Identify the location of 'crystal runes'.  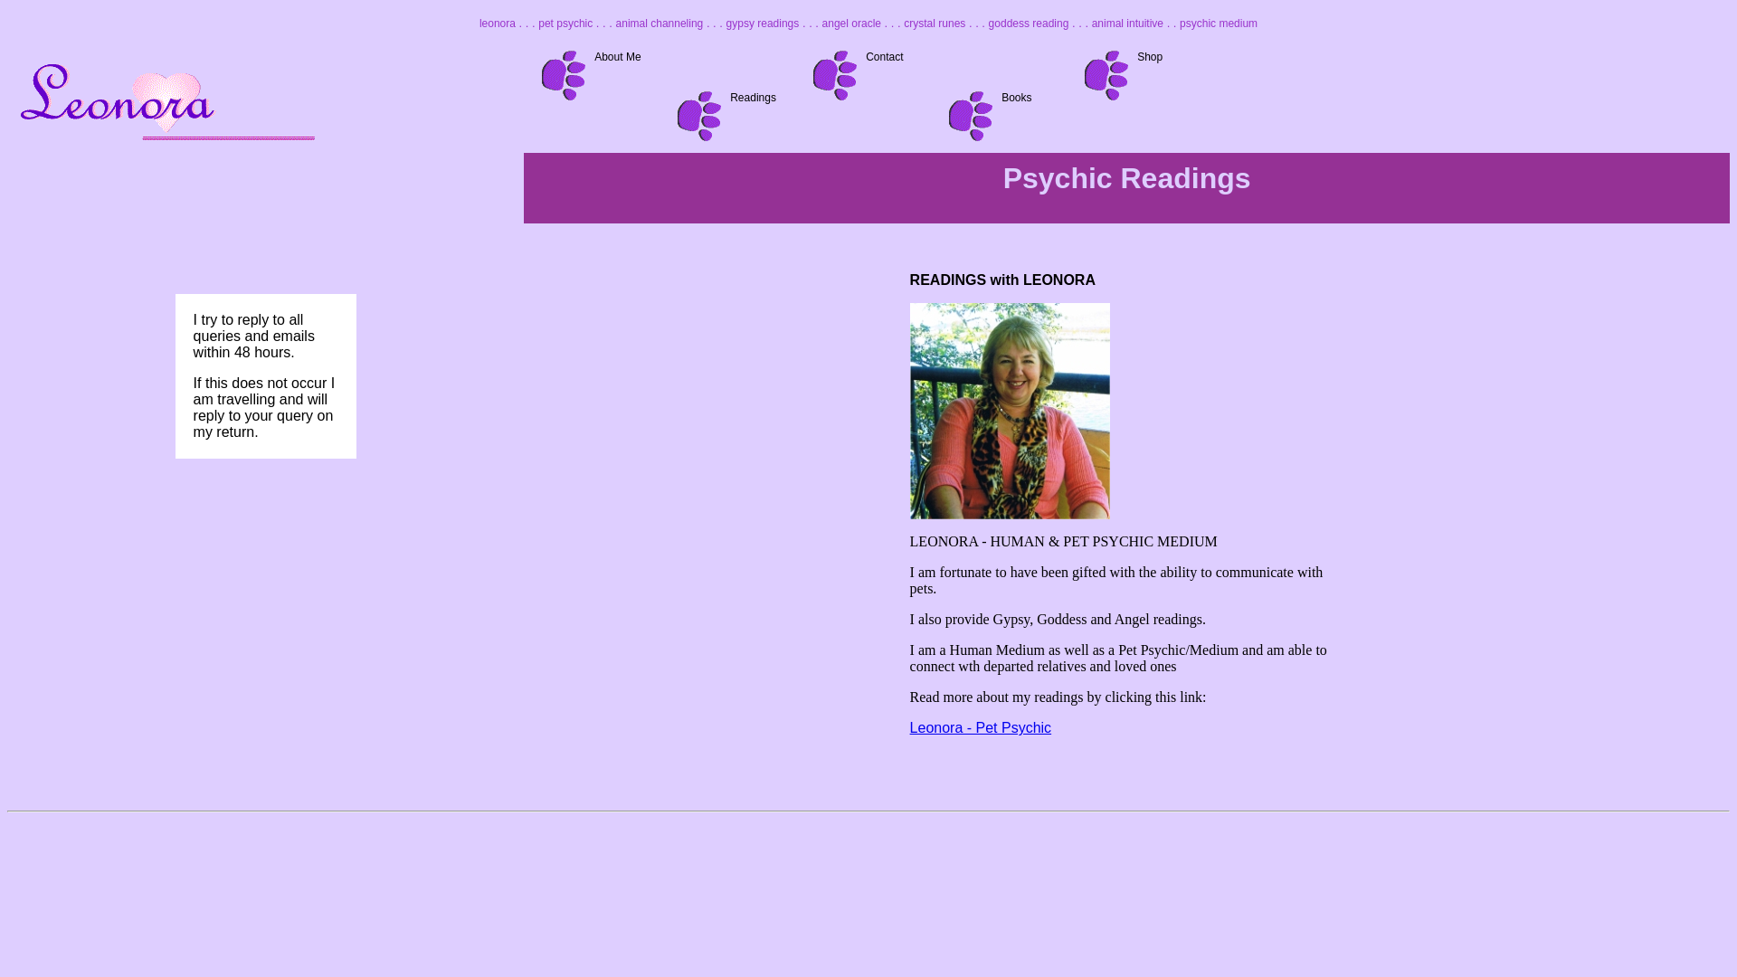
(934, 24).